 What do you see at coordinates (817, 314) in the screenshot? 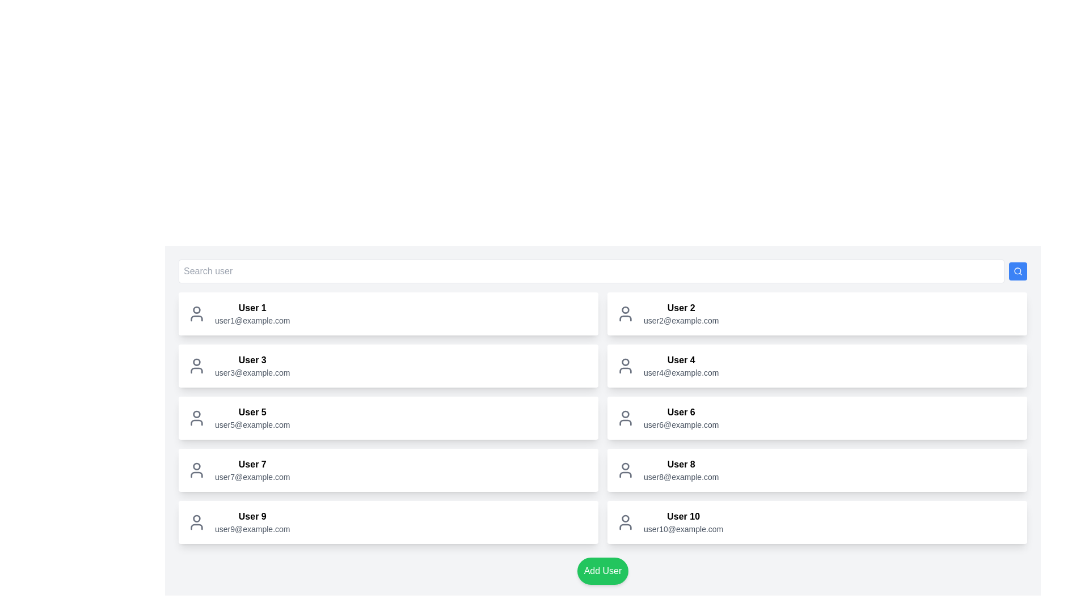
I see `the second informational display card in the grid layout that contains user information, positioned to the right of 'User 1' and above 'User 4'` at bounding box center [817, 314].